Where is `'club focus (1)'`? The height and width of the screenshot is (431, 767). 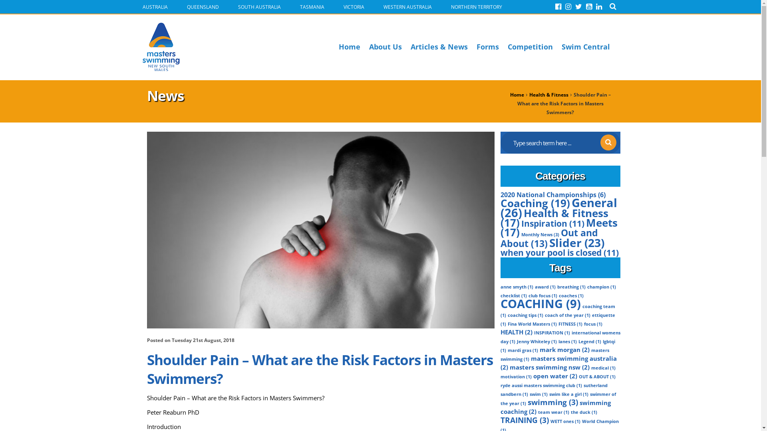
'club focus (1)' is located at coordinates (542, 295).